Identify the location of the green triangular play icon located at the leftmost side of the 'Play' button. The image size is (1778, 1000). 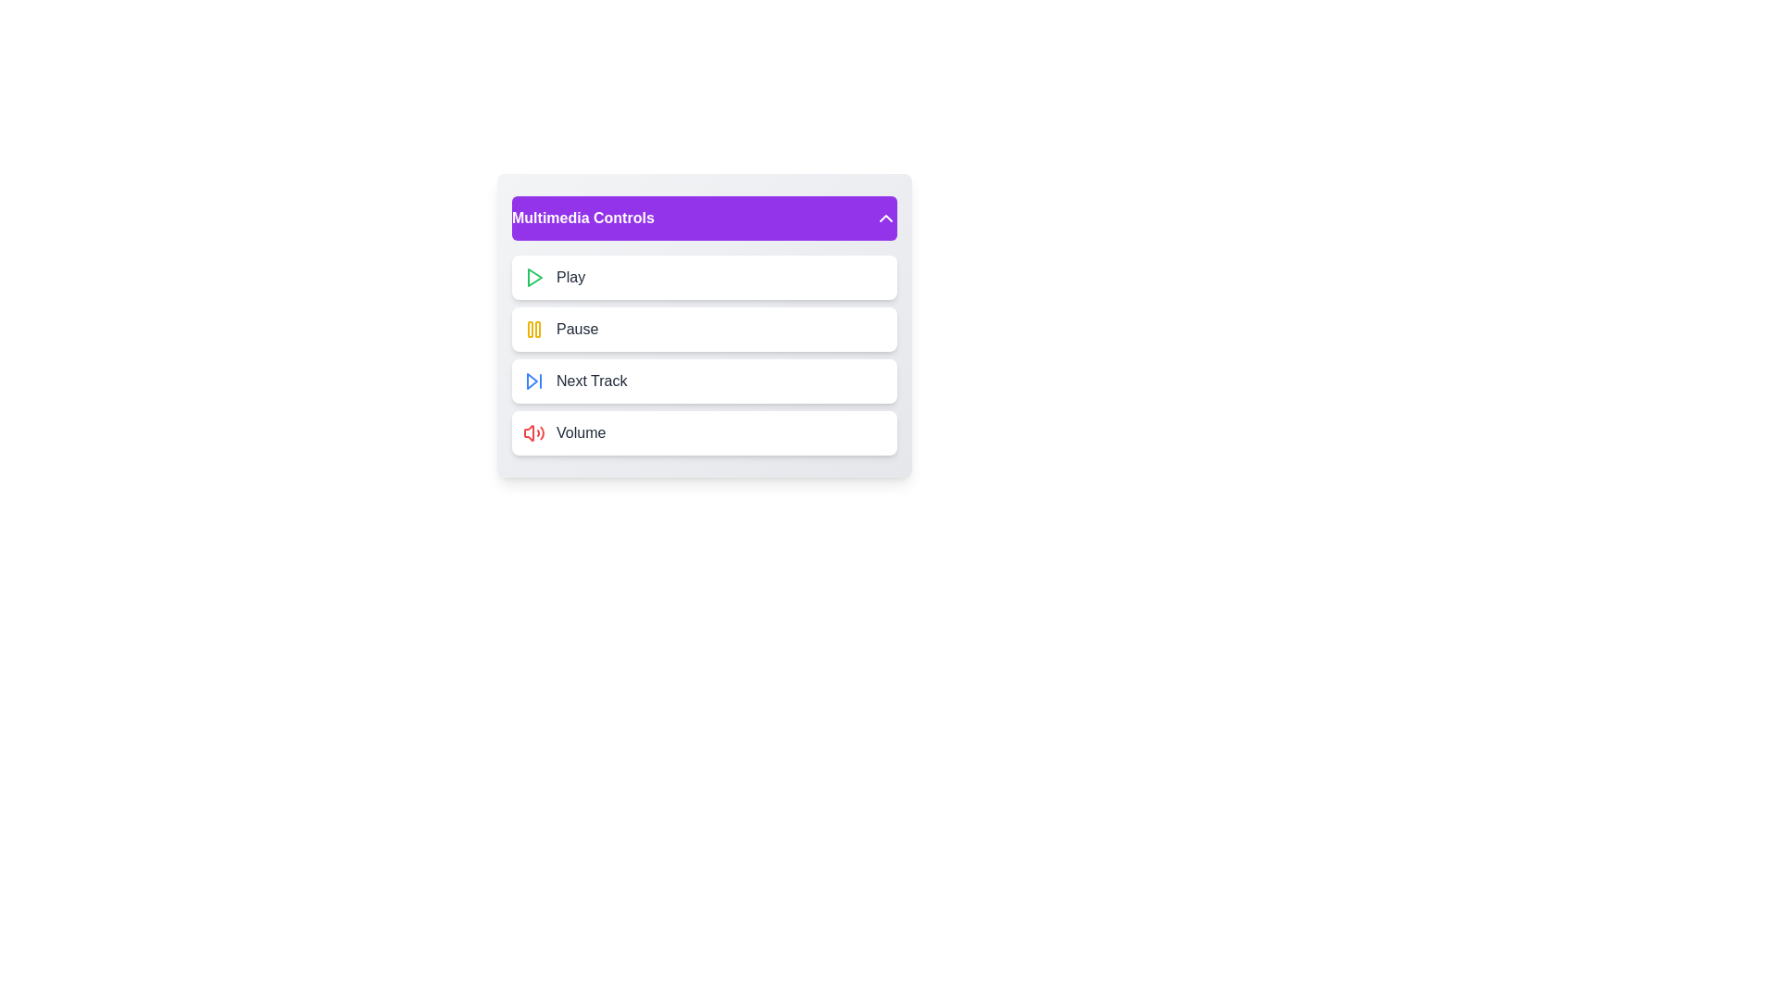
(532, 278).